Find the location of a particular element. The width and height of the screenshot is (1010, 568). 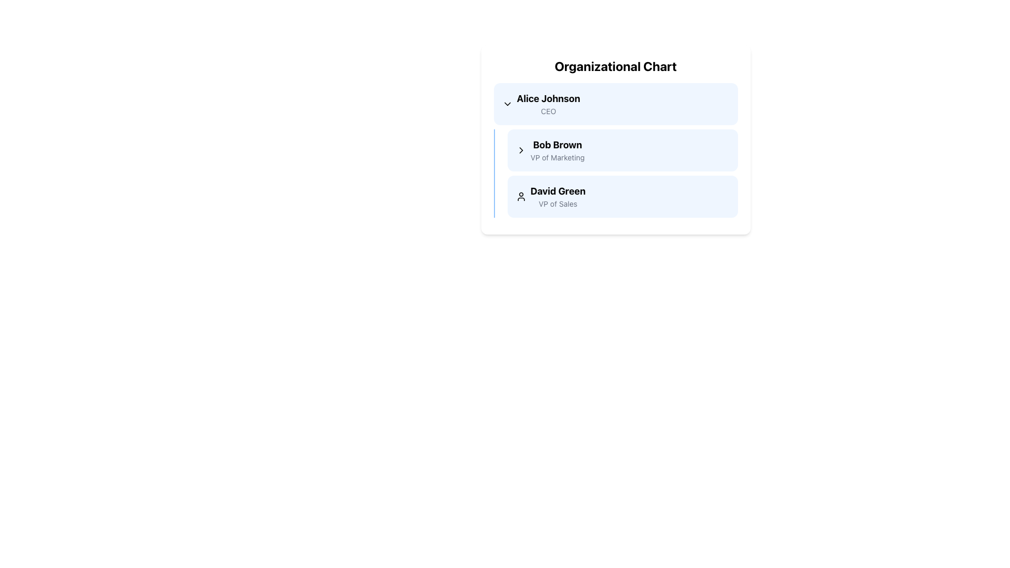

the Icon Button located in the upper left corner of the section displaying 'Alice Johnson, CEO' is located at coordinates (507, 104).